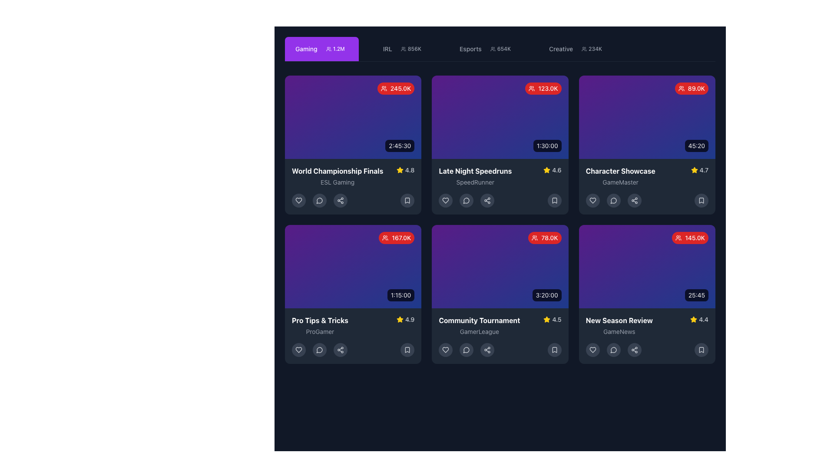 The width and height of the screenshot is (834, 469). Describe the element at coordinates (479, 331) in the screenshot. I see `the text label reading 'GamerLeague', which is positioned below the 'Community Tournament' title in the card, indicating its subordinate role within the interface` at that location.